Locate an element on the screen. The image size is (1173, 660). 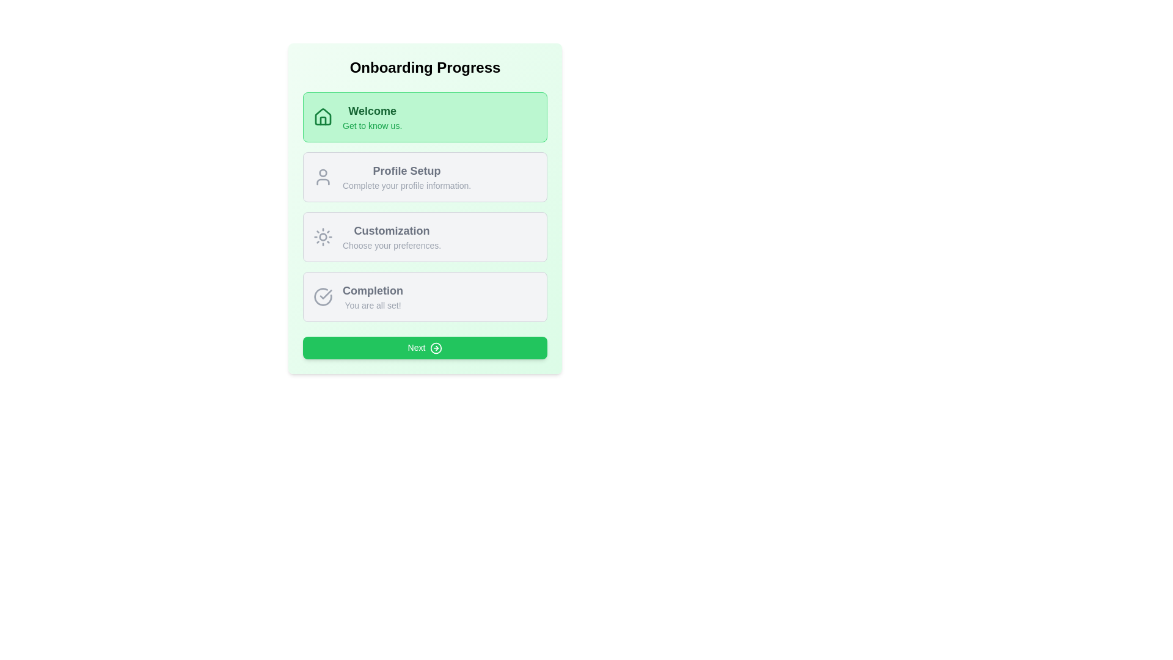
the Text label serving as a title or header for the initial step of the onboarding process, which provides a welcoming message and is positioned adjacent to a home icon is located at coordinates (371, 111).